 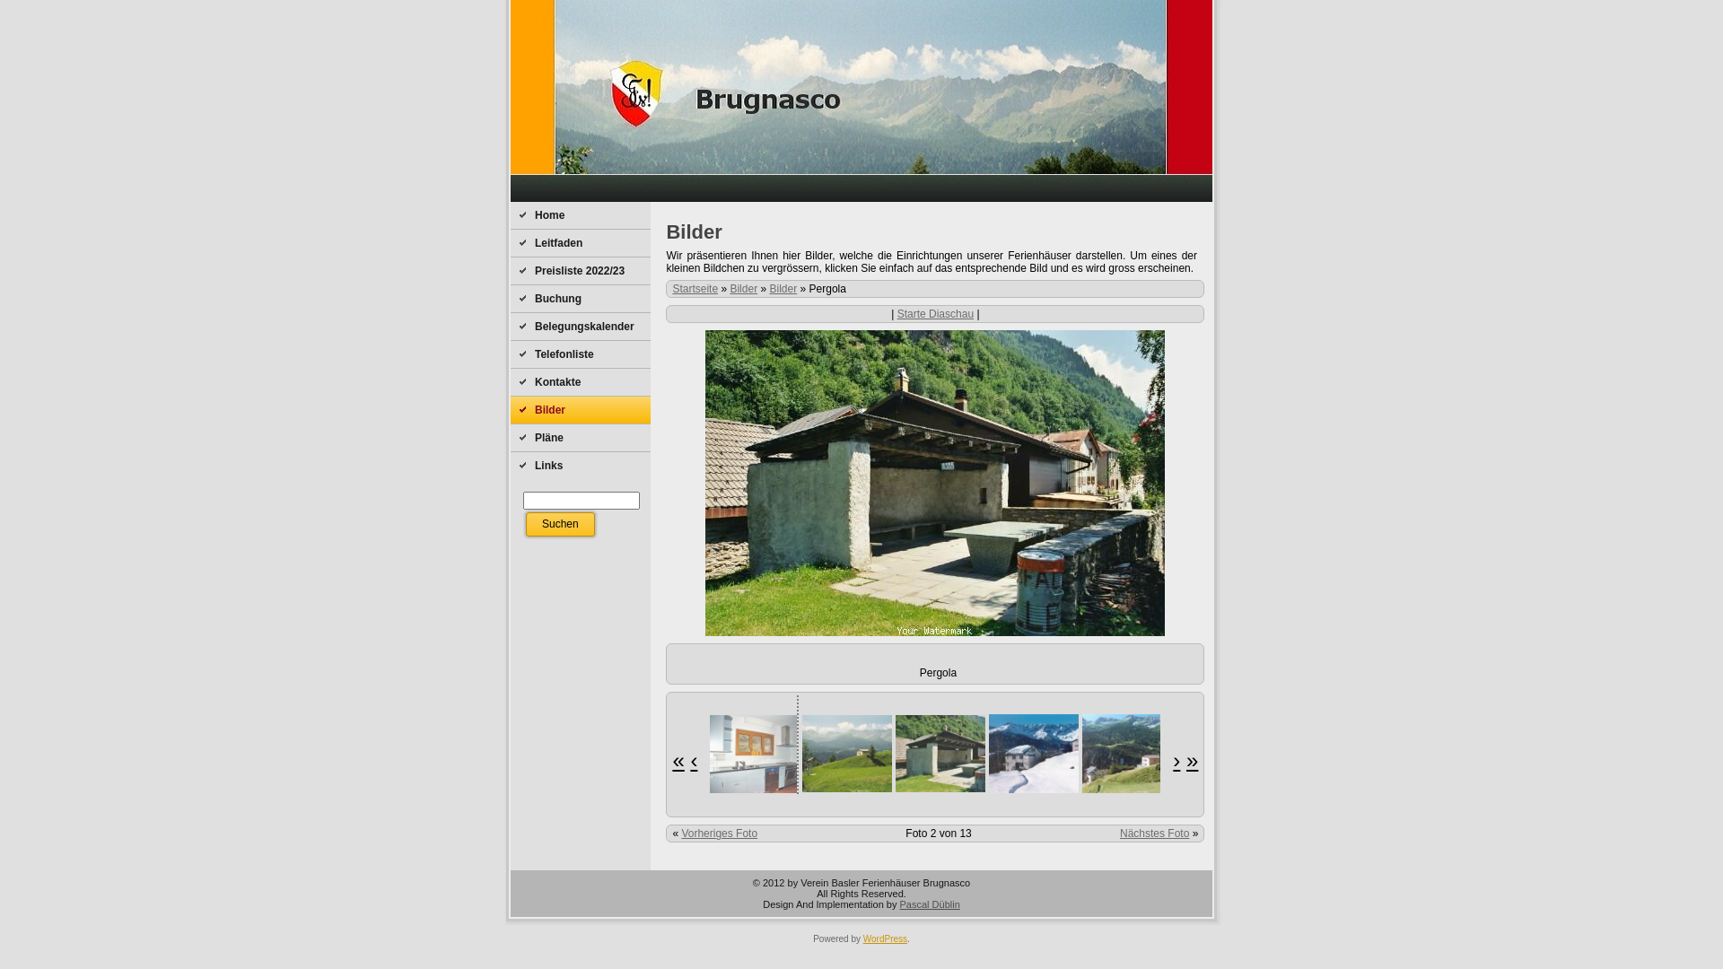 I want to click on 'Telefonliste', so click(x=581, y=354).